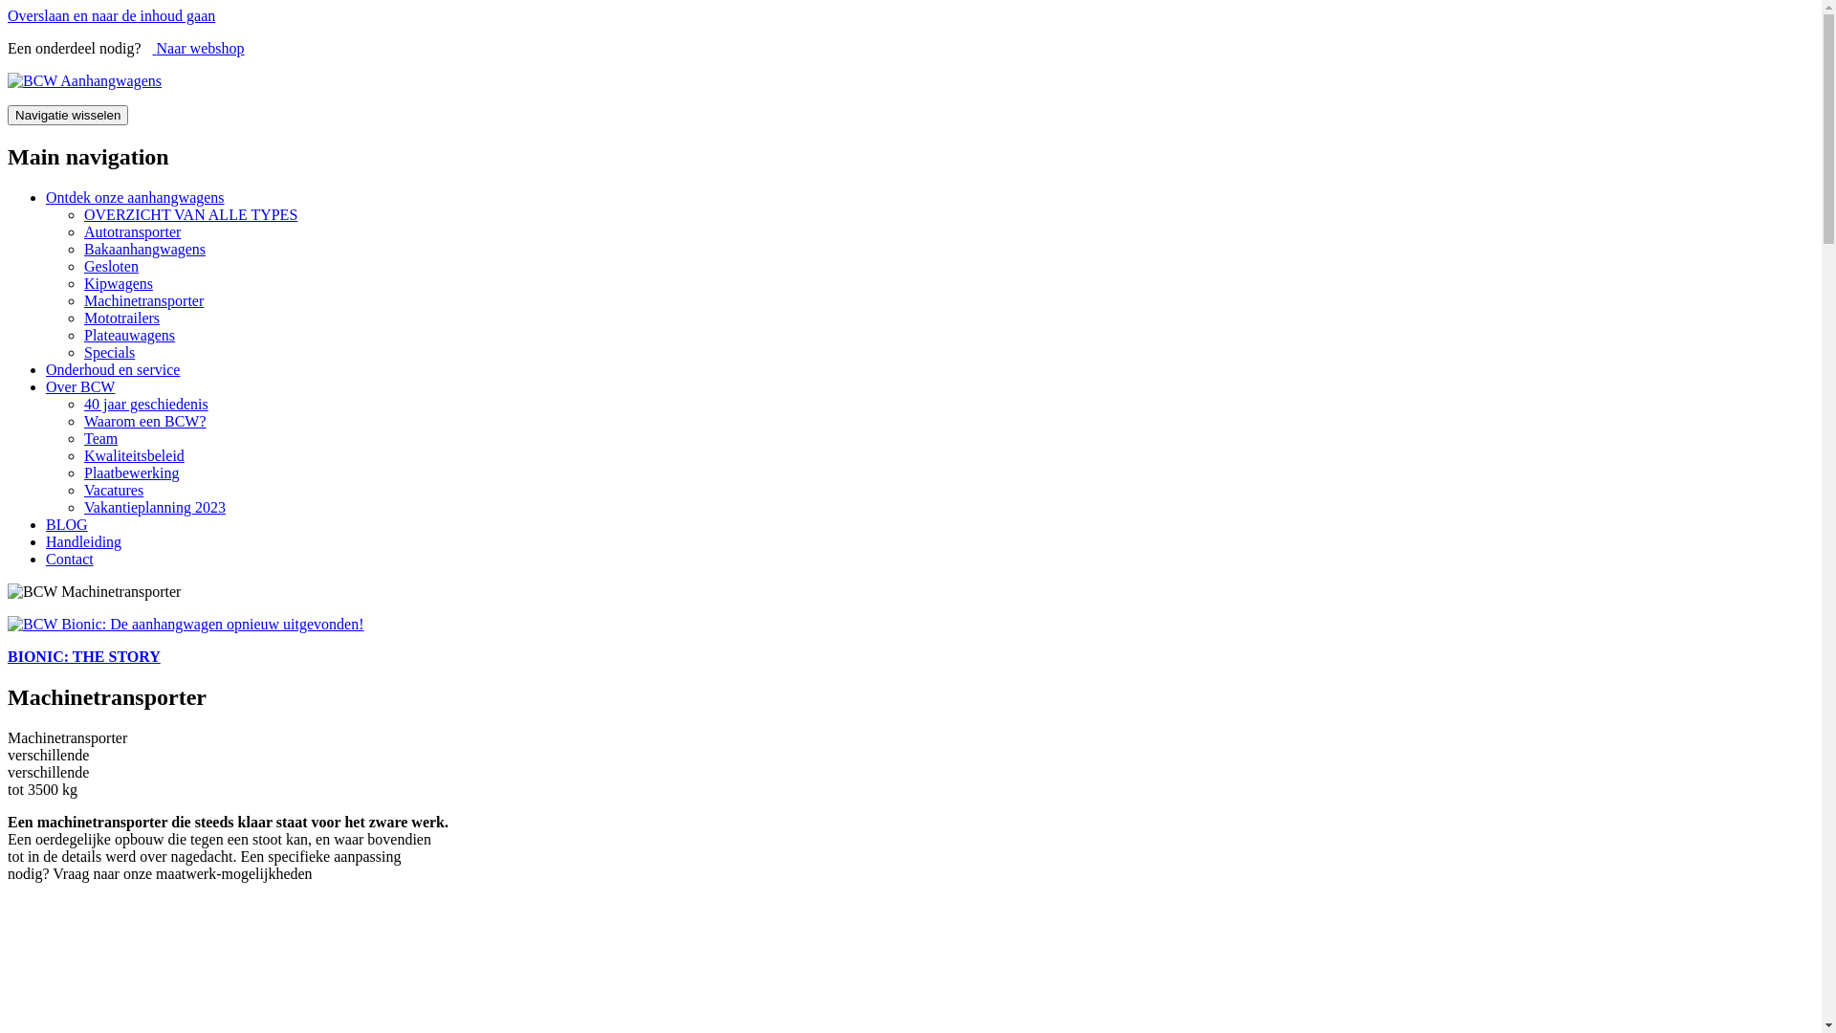  Describe the element at coordinates (120, 317) in the screenshot. I see `'Mototrailers'` at that location.